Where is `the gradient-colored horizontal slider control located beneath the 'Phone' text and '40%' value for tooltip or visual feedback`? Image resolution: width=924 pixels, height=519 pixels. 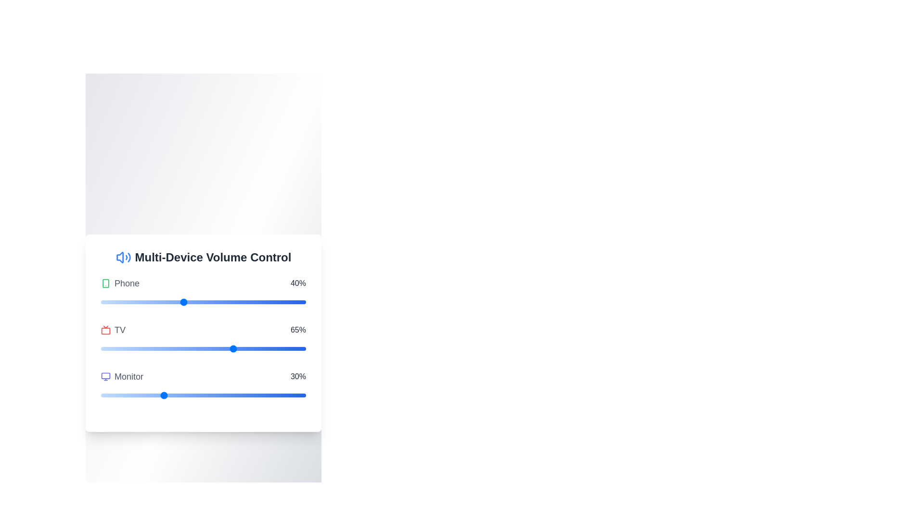 the gradient-colored horizontal slider control located beneath the 'Phone' text and '40%' value for tooltip or visual feedback is located at coordinates (203, 301).